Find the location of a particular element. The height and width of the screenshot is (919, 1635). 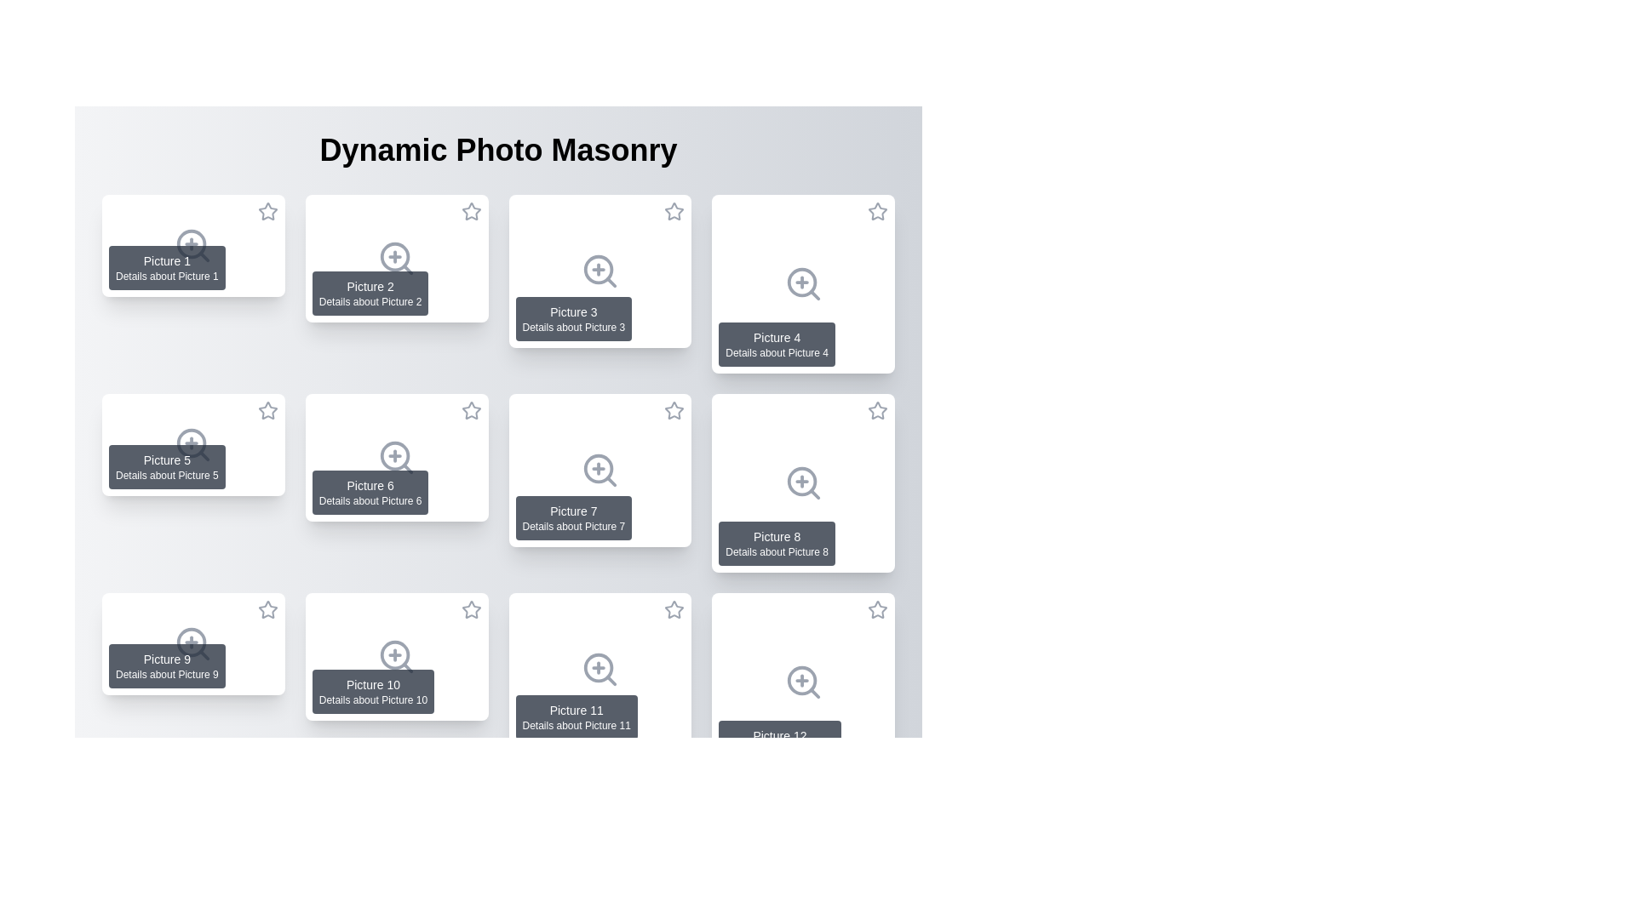

the text label that displays 'Details about Picture 5', which is styled in white text on a dark gray semi-transparent background and is located at the bottom-left of the tile labeled 'Picture 5' is located at coordinates (167, 476).